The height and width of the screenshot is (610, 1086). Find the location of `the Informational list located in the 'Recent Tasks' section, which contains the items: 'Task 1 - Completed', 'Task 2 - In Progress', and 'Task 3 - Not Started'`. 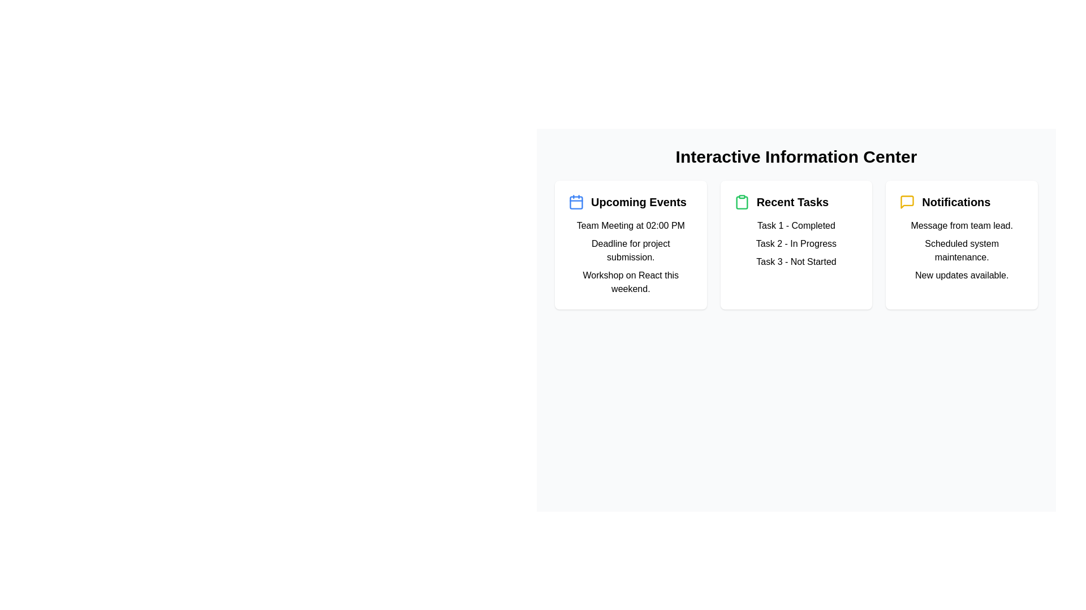

the Informational list located in the 'Recent Tasks' section, which contains the items: 'Task 1 - Completed', 'Task 2 - In Progress', and 'Task 3 - Not Started' is located at coordinates (795, 243).